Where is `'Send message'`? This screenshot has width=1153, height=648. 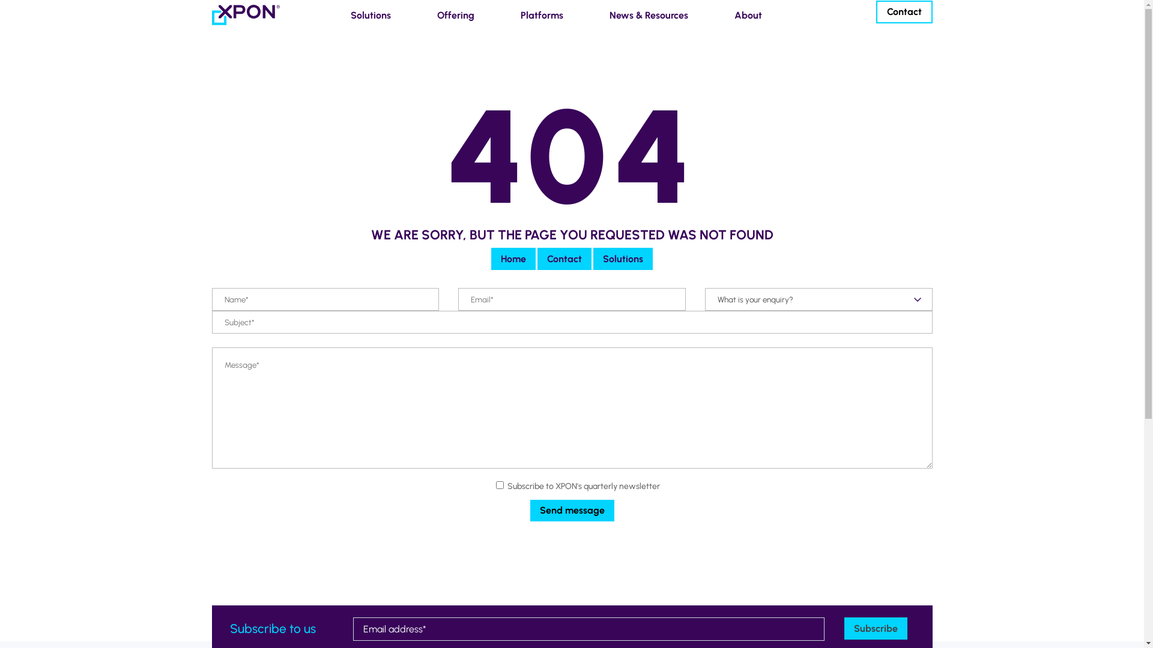
'Send message' is located at coordinates (570, 511).